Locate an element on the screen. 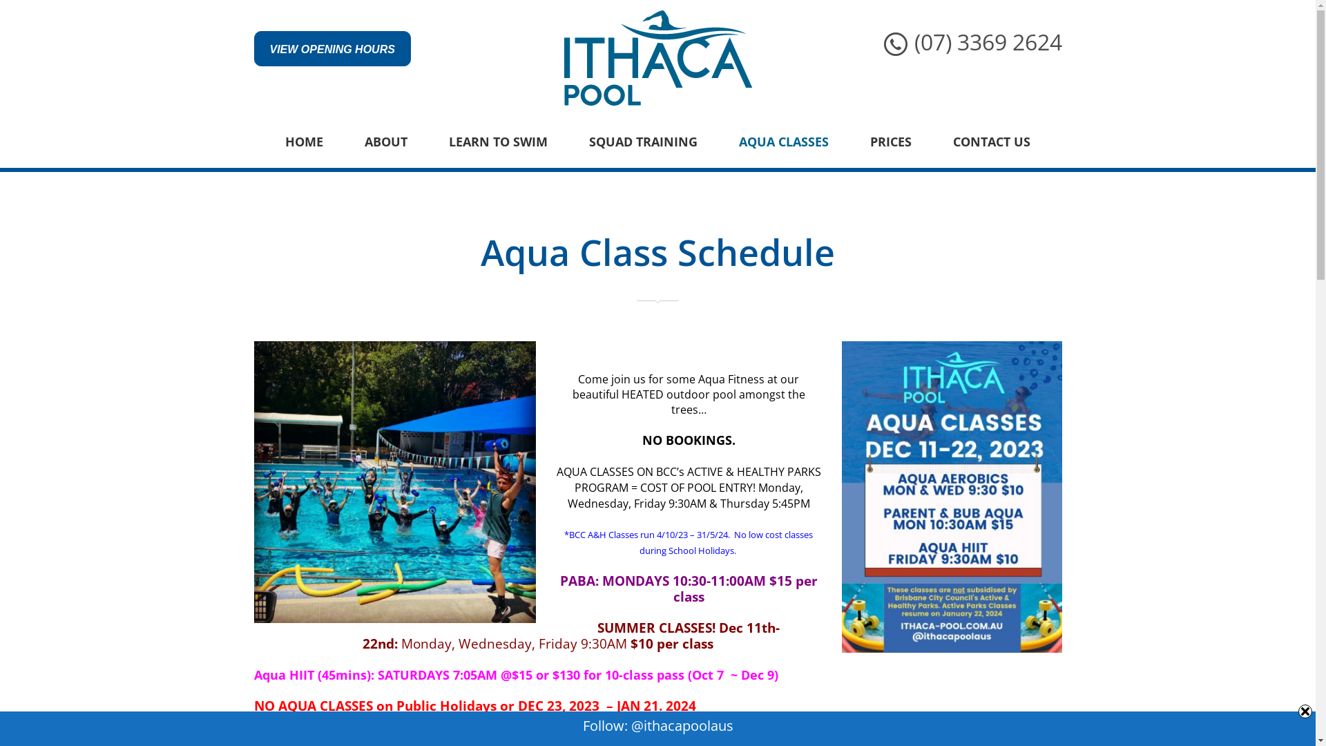 The width and height of the screenshot is (1326, 746). 'CONTACT US' is located at coordinates (990, 141).